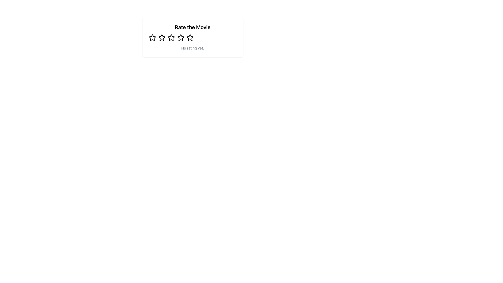 This screenshot has height=283, width=503. I want to click on the fourth star in the five-star rating system, so click(181, 37).